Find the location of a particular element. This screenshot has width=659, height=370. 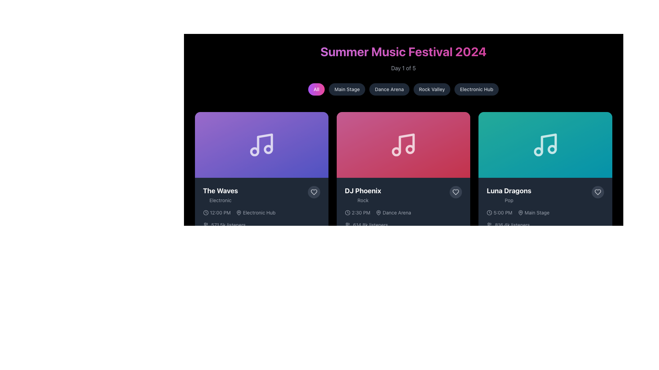

the decorative circle element that symbolizes music-related content, located within the musical note icon at the center of the top section of the third card in the event listings row is located at coordinates (552, 149).